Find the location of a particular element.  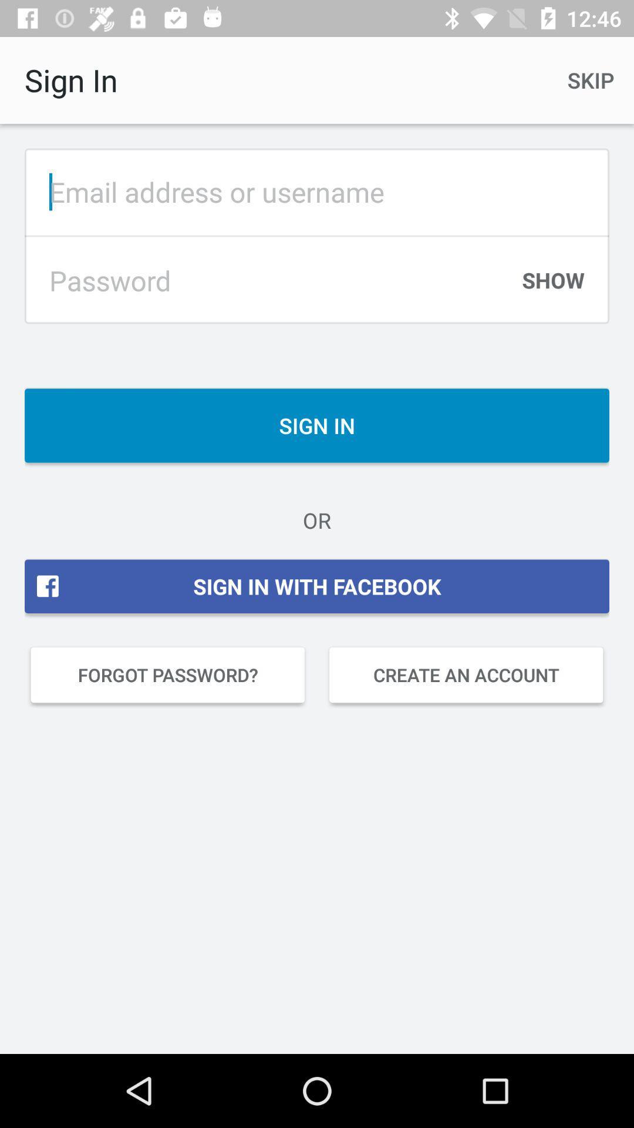

item below the sign in with is located at coordinates (167, 674).